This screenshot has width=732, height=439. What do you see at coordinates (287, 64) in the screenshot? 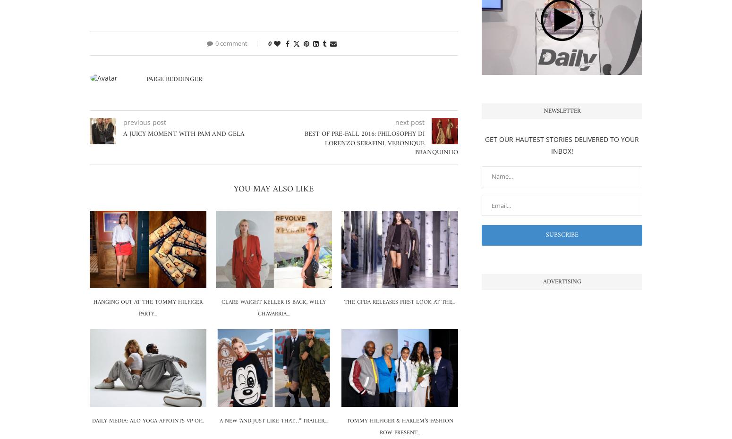
I see `'Facebook'` at bounding box center [287, 64].